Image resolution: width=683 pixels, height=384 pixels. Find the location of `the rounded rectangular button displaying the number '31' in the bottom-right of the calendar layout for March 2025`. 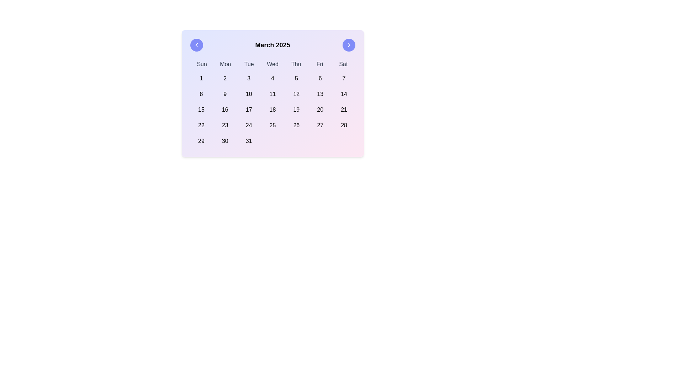

the rounded rectangular button displaying the number '31' in the bottom-right of the calendar layout for March 2025 is located at coordinates (249, 141).